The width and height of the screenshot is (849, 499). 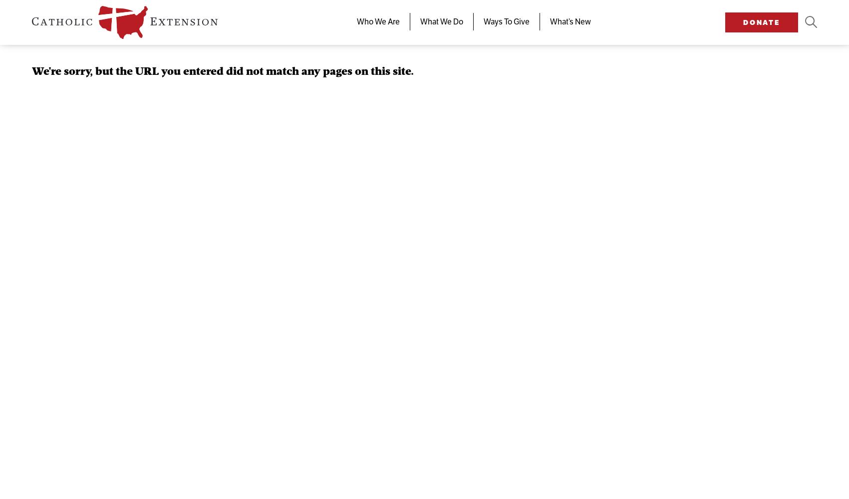 I want to click on 'Our Mission', so click(x=419, y=67).